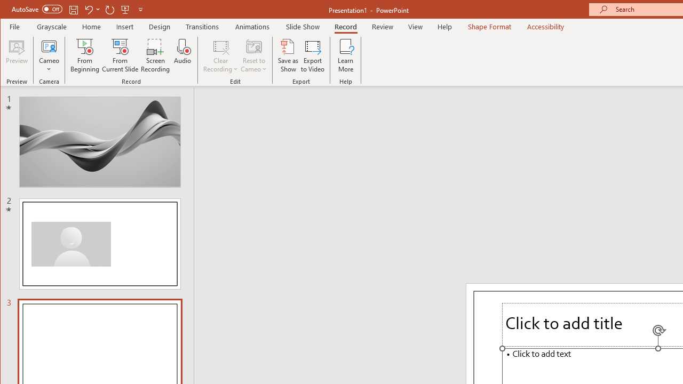  What do you see at coordinates (85, 55) in the screenshot?
I see `'From Beginning...'` at bounding box center [85, 55].